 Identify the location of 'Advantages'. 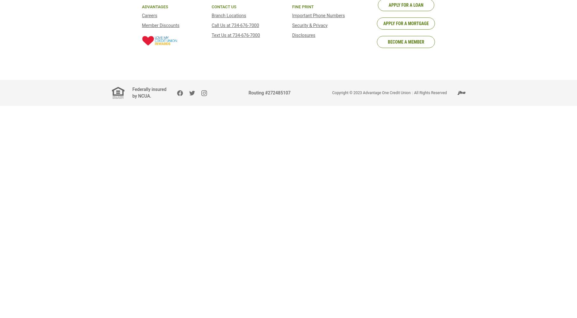
(155, 6).